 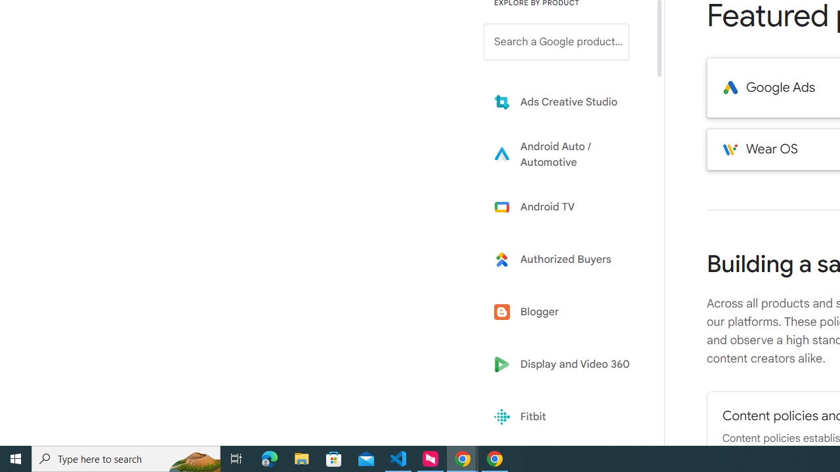 I want to click on 'Display and Video 360', so click(x=566, y=364).